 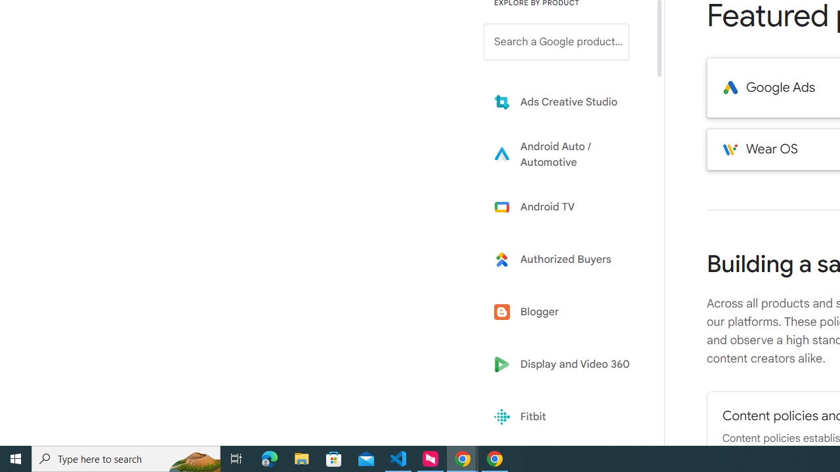 I want to click on 'Display and Video 360', so click(x=566, y=364).